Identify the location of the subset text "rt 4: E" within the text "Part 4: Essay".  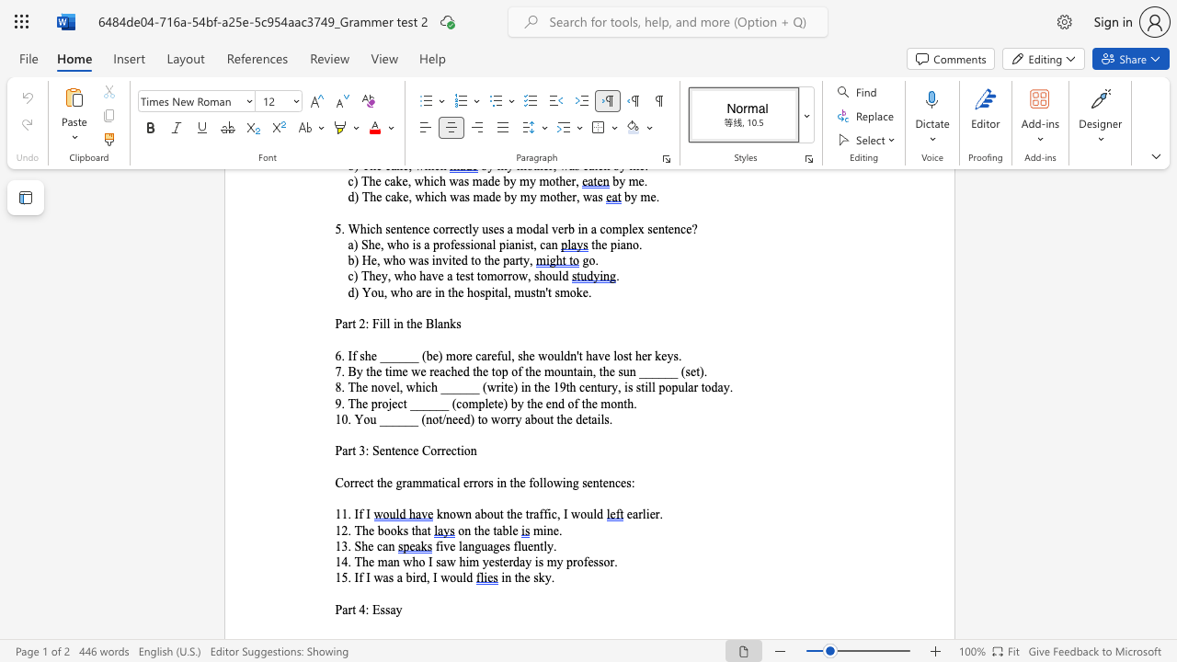
(348, 610).